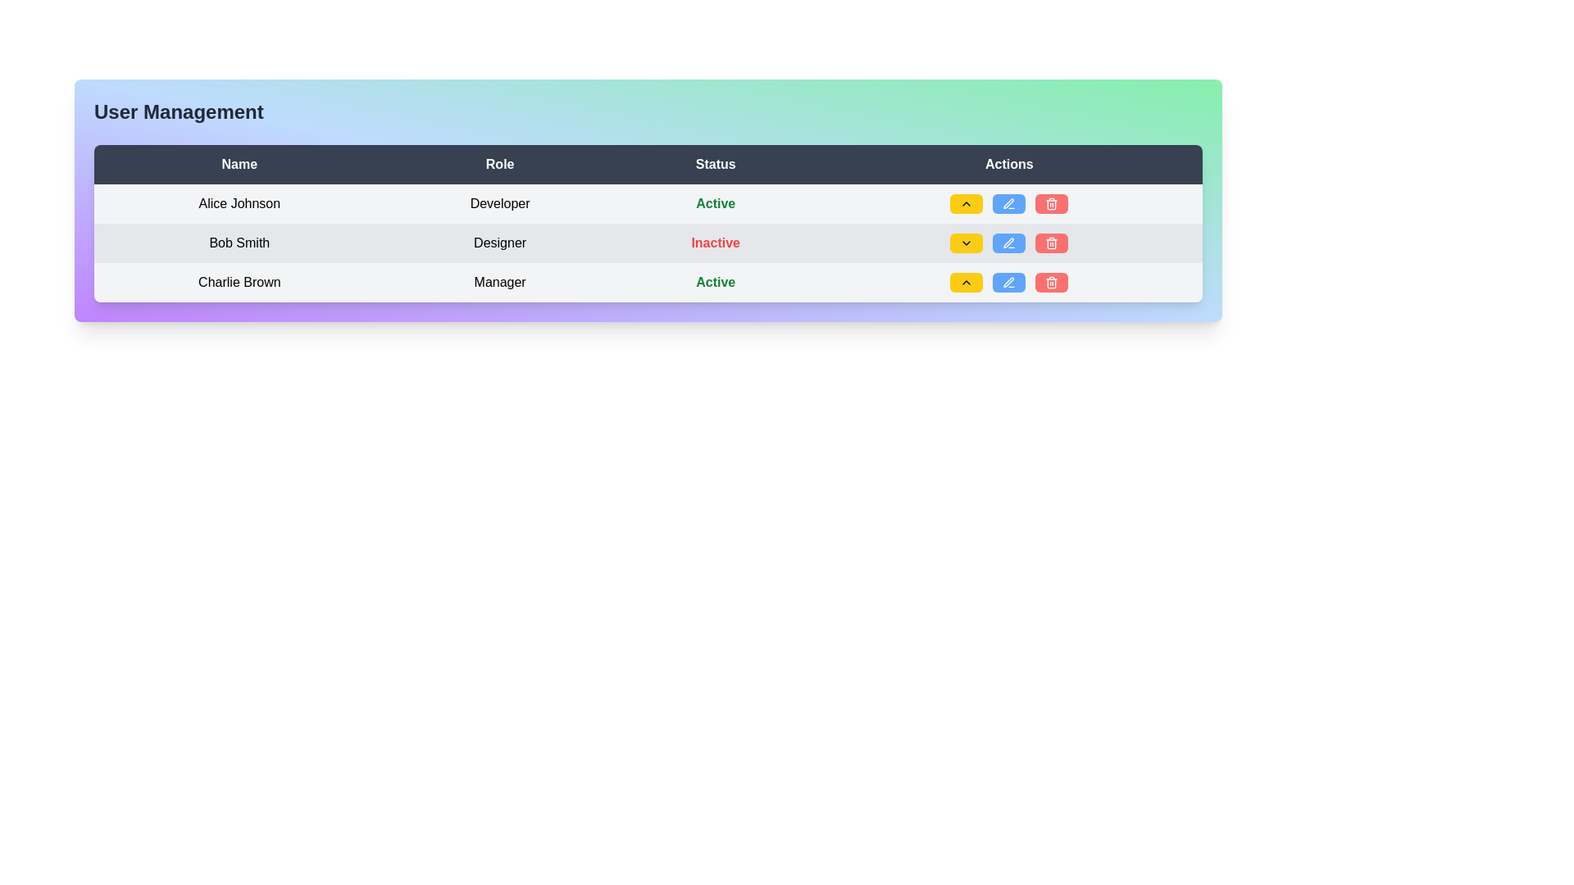  What do you see at coordinates (1052, 204) in the screenshot?
I see `the vertical line of the trash can icon in the 'Actions' column of the user management table` at bounding box center [1052, 204].